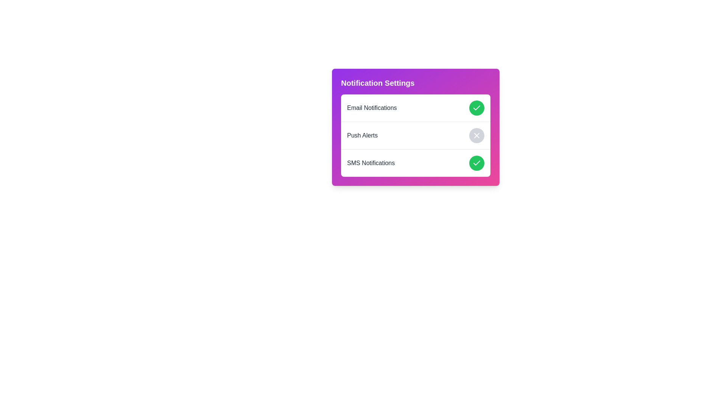 Image resolution: width=726 pixels, height=408 pixels. Describe the element at coordinates (476, 135) in the screenshot. I see `the circular button with a gray background and a white 'X' icon located on the right side of the 'Push Alerts' row in the notification settings panel` at that location.